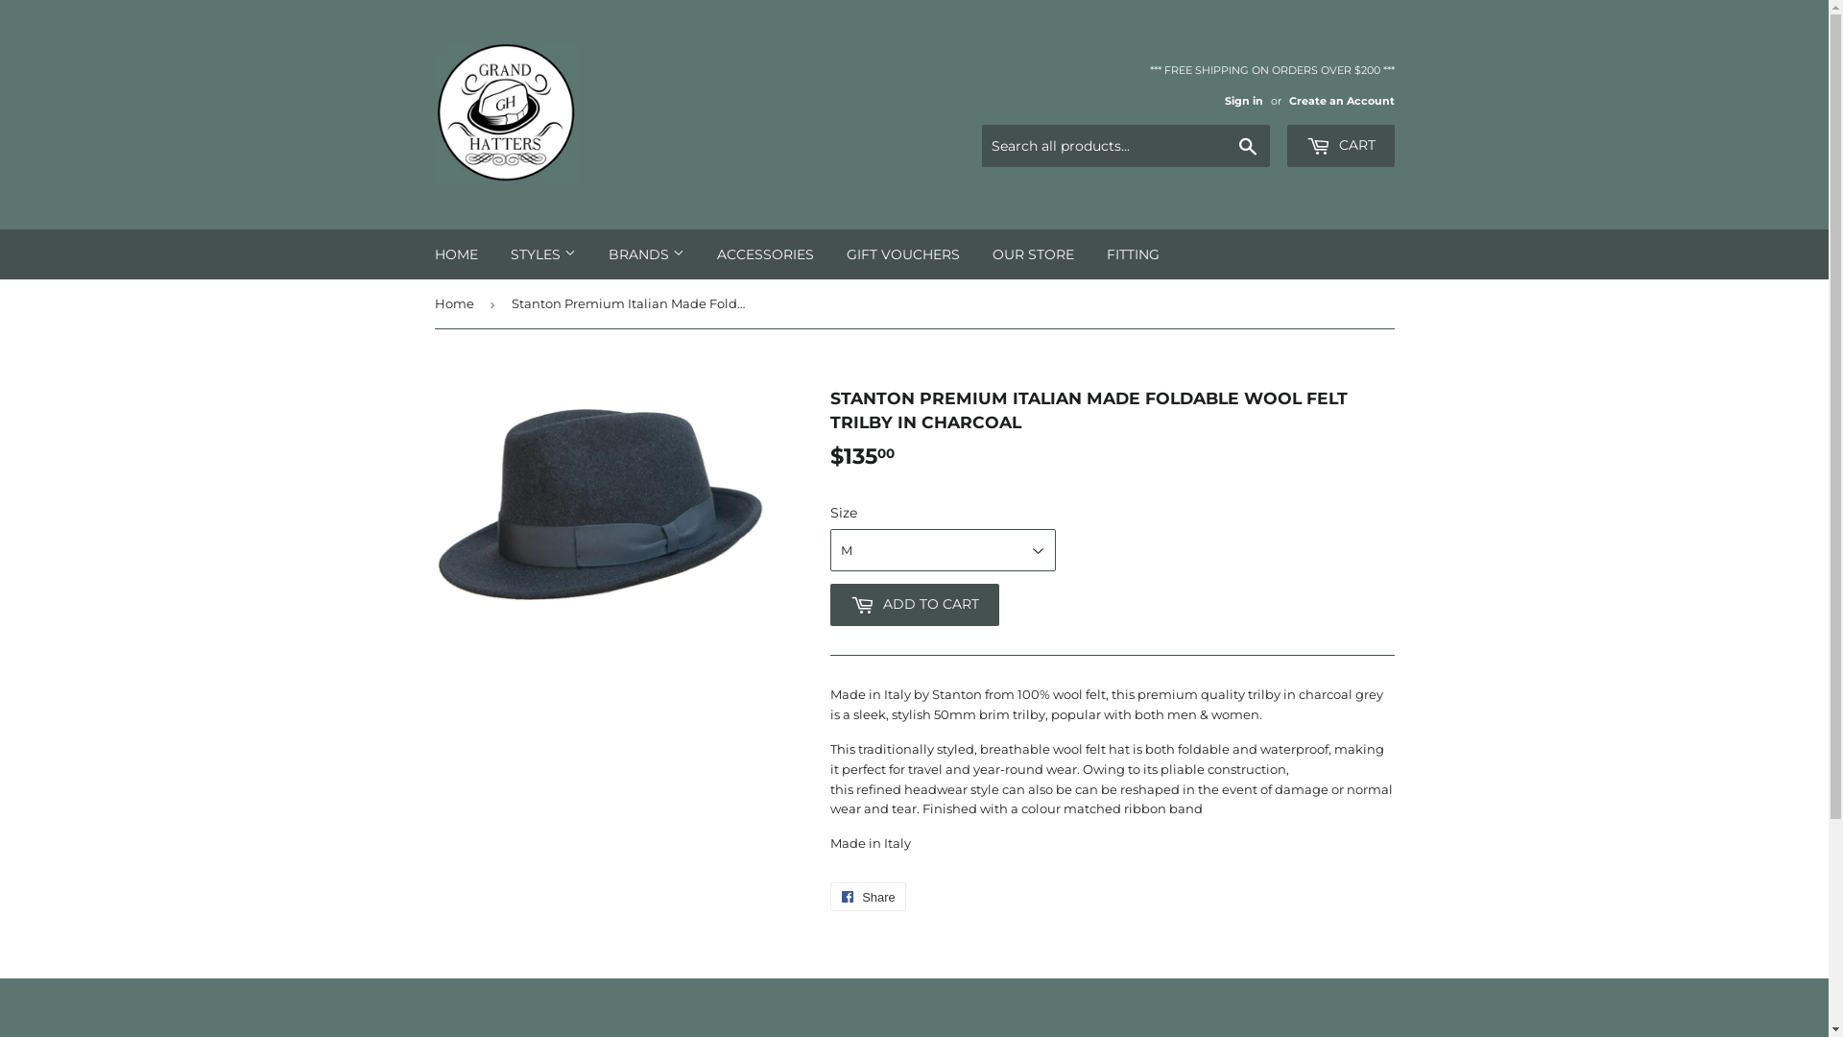 Image resolution: width=1843 pixels, height=1037 pixels. Describe the element at coordinates (455, 302) in the screenshot. I see `'Home'` at that location.